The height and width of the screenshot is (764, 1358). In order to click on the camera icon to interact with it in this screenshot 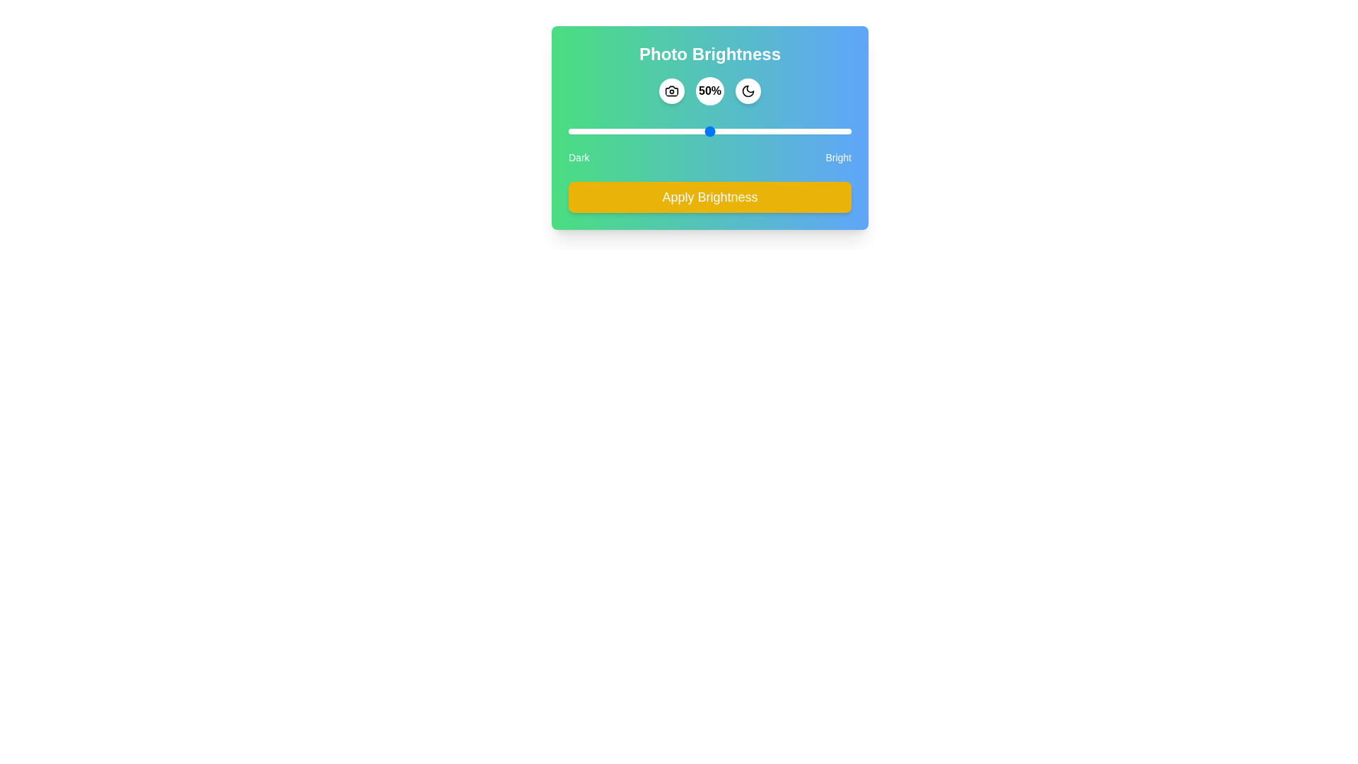, I will do `click(671, 91)`.